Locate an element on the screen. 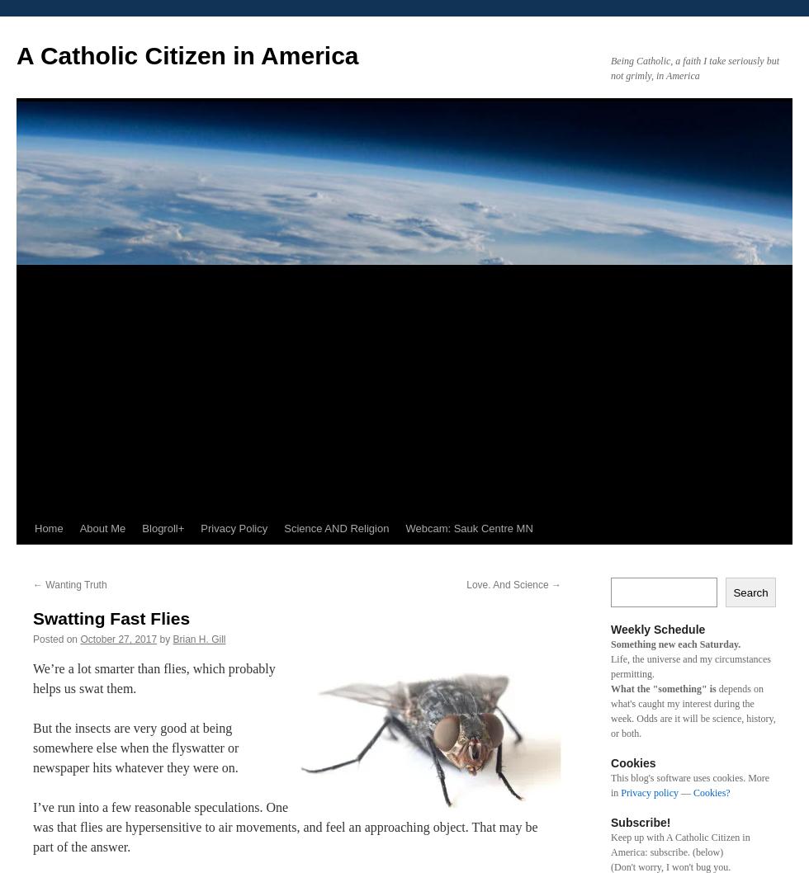  'Subscribe!' is located at coordinates (640, 821).